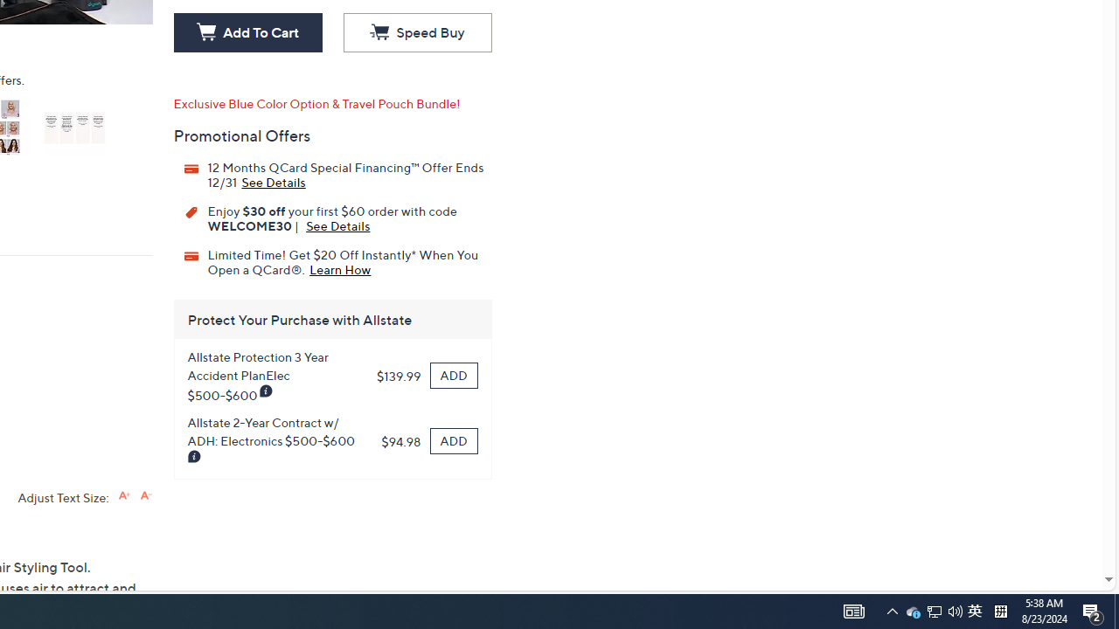 This screenshot has height=629, width=1119. I want to click on 'Decrease font size', so click(146, 495).